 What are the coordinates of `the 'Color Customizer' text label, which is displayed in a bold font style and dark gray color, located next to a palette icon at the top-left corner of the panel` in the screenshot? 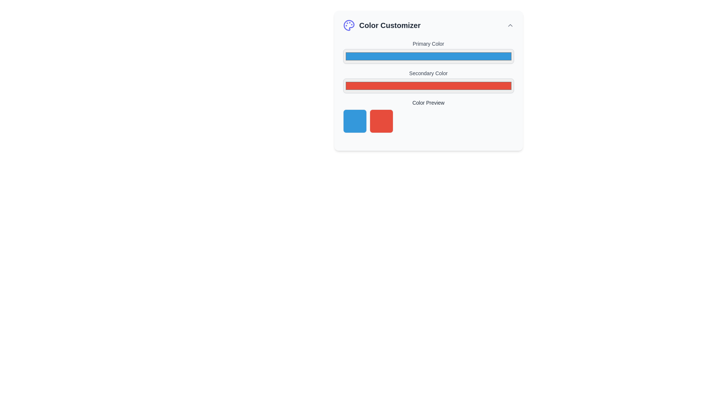 It's located at (389, 25).